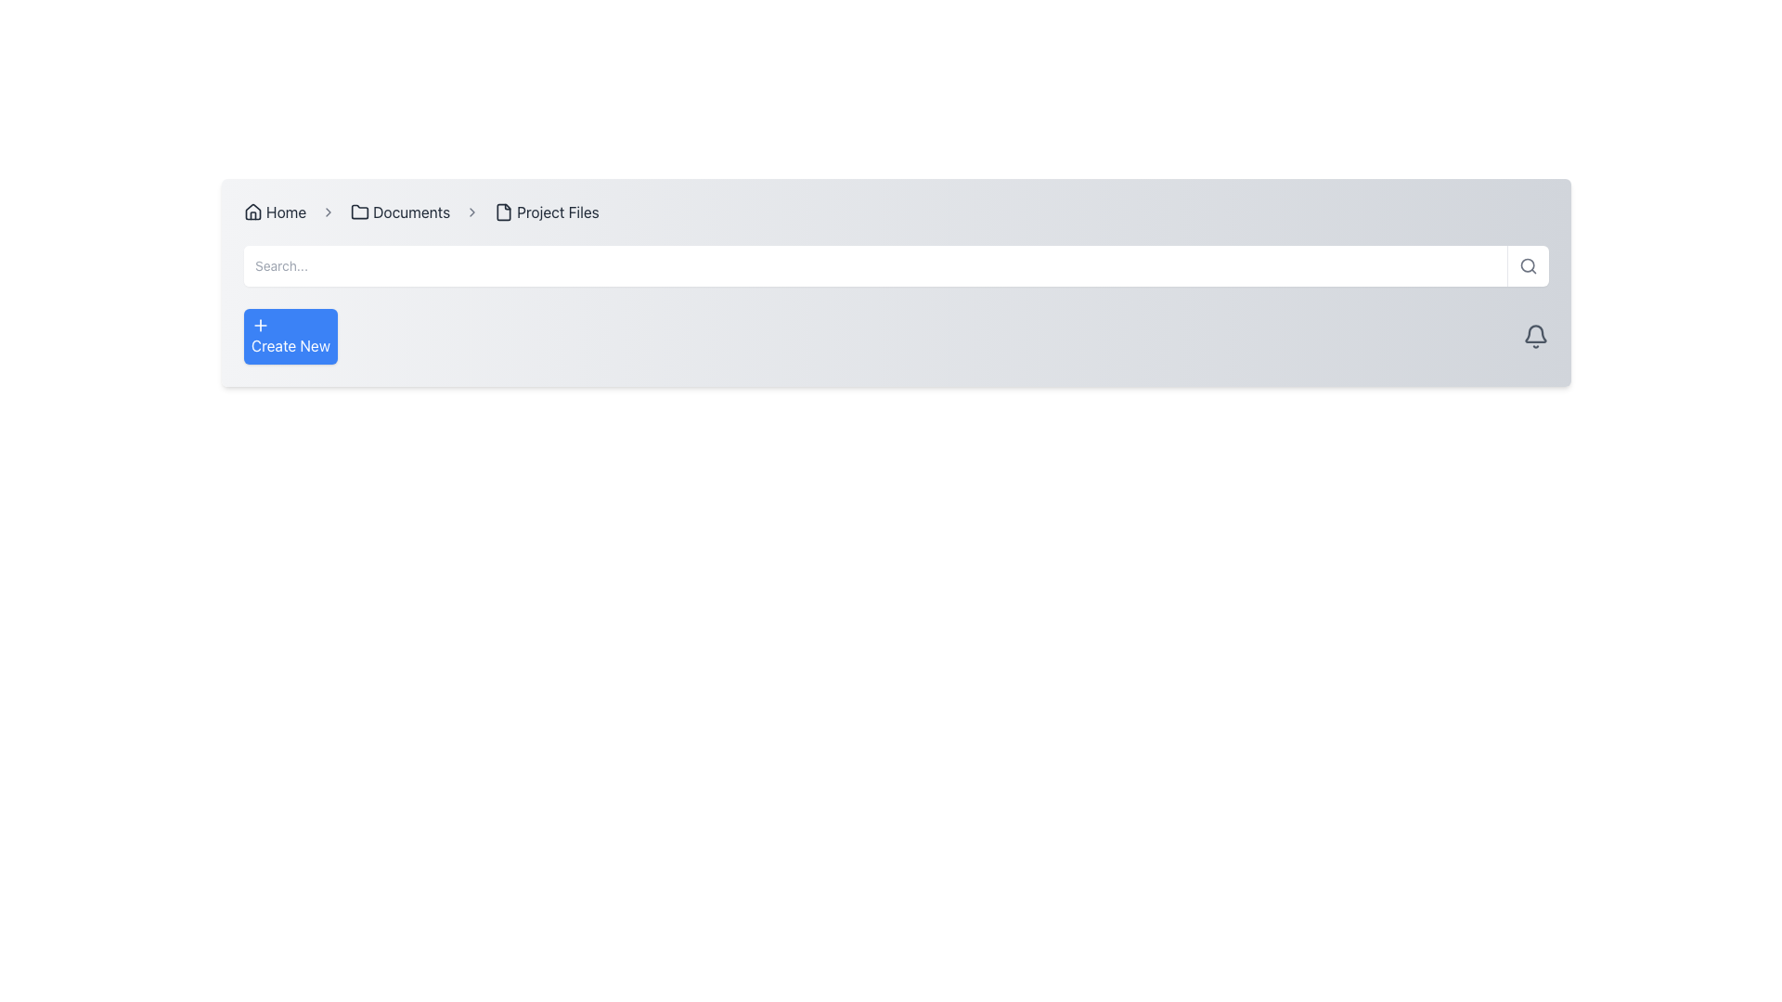 This screenshot has height=1002, width=1782. What do you see at coordinates (360, 211) in the screenshot?
I see `the folder icon located to the left of the 'Documents' label in the navigation bar` at bounding box center [360, 211].